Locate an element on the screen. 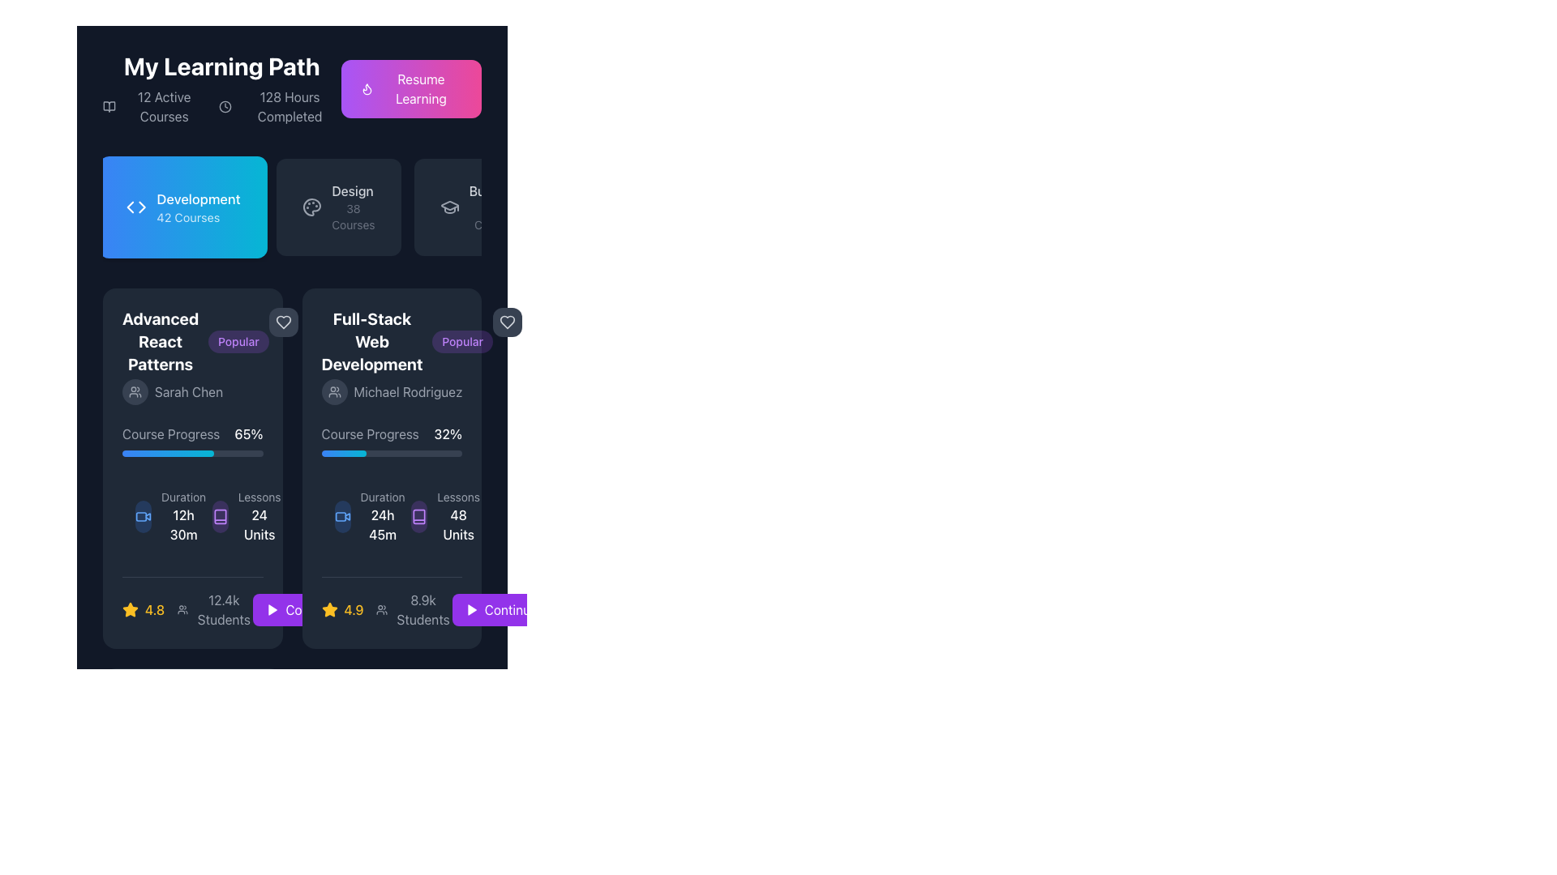 This screenshot has height=875, width=1557. the text label displaying '48 Units' in the 'Lessons 48 Units' section of the 'Full-Stack Web Development' card is located at coordinates (457, 525).